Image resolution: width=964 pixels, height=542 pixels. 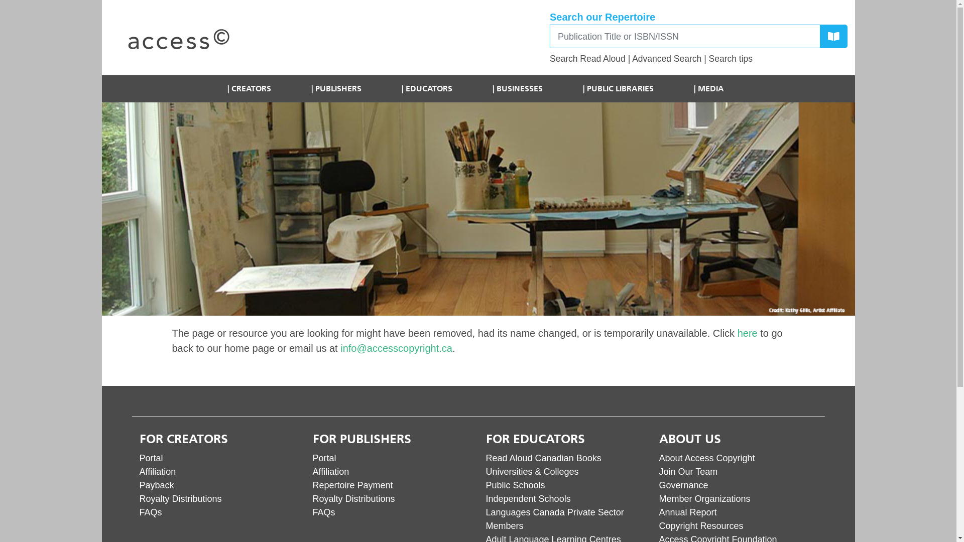 I want to click on 'Languages Canada Private Sector Members', so click(x=554, y=519).